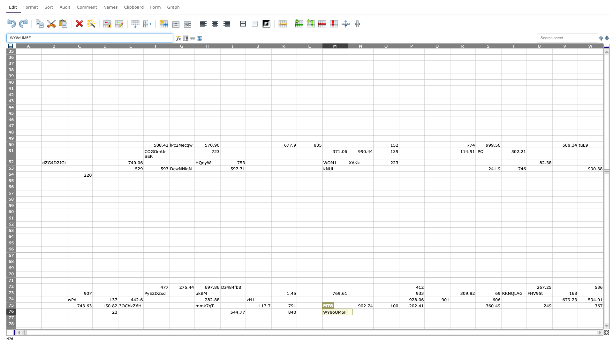 This screenshot has height=345, width=613. I want to click on Place cursor on top left corner of N76, so click(347, 308).